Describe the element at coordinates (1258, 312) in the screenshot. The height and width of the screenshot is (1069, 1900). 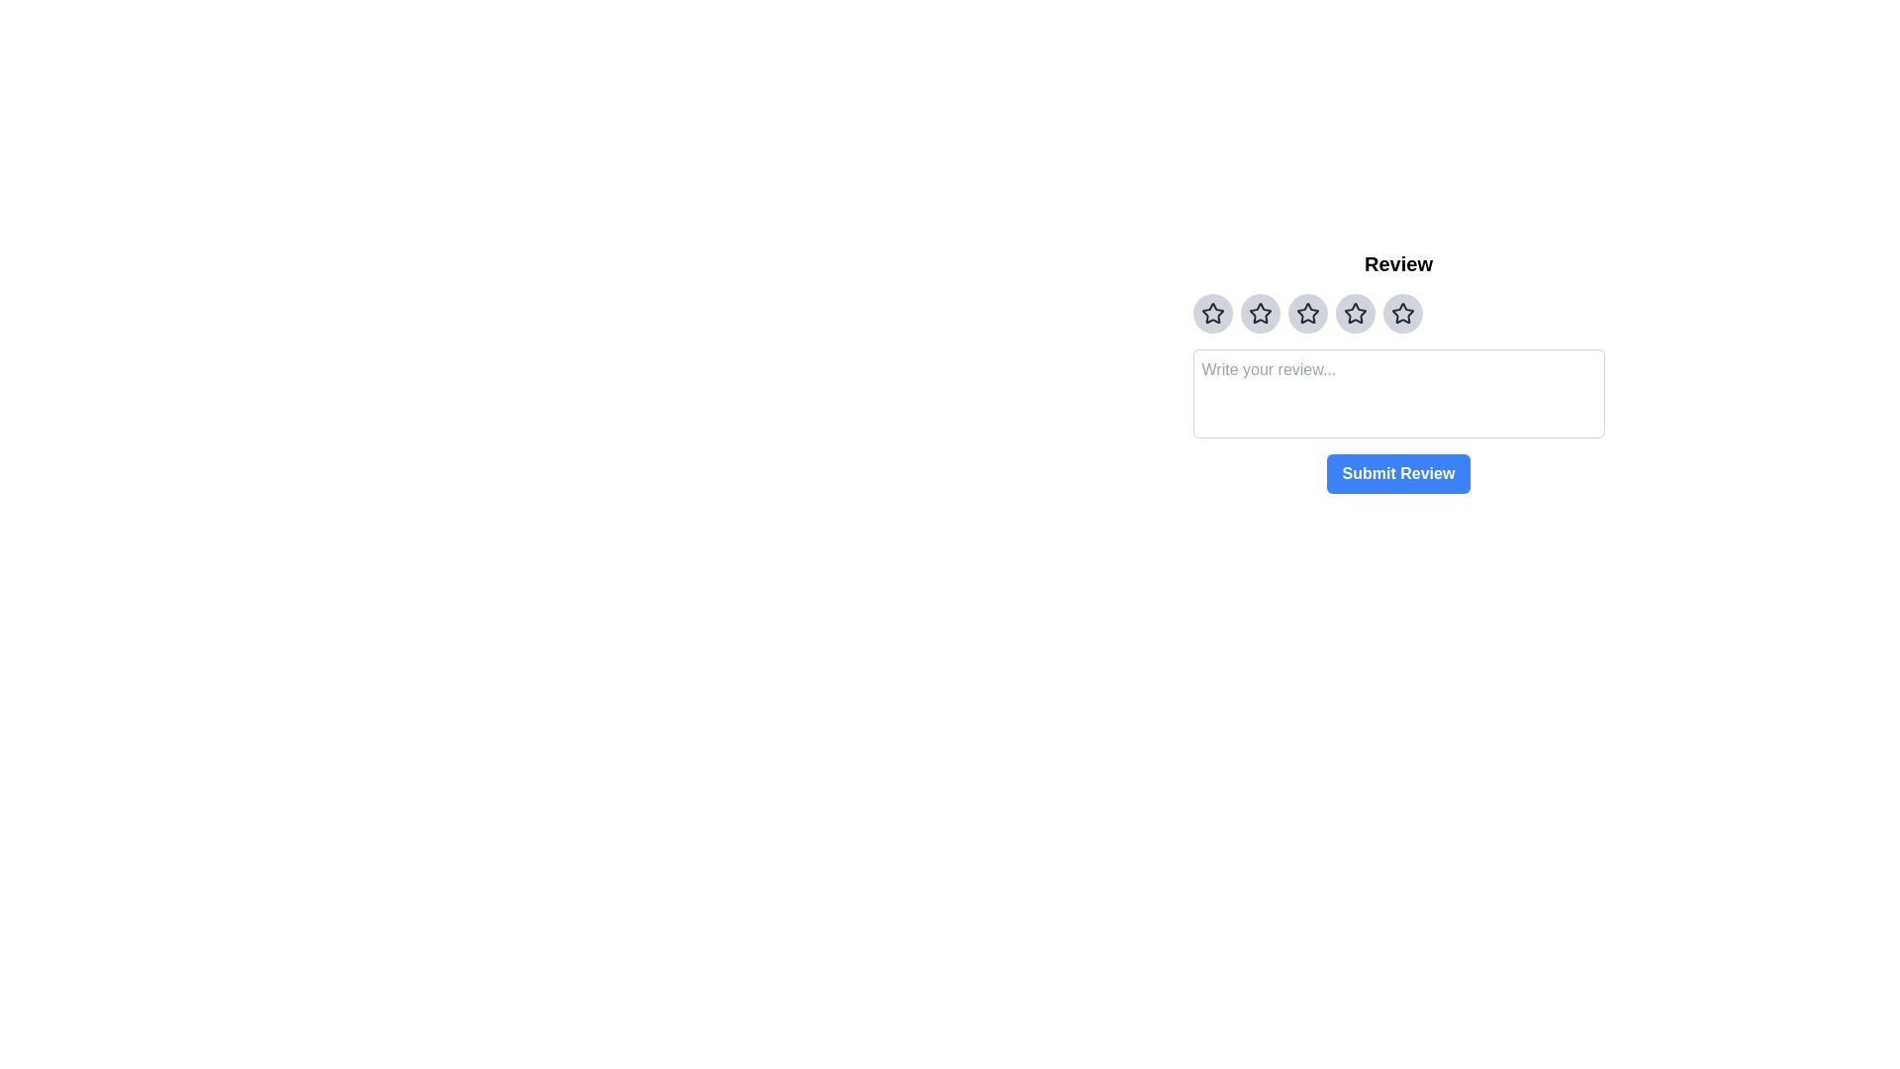
I see `the second star icon in the horizontal rating system` at that location.